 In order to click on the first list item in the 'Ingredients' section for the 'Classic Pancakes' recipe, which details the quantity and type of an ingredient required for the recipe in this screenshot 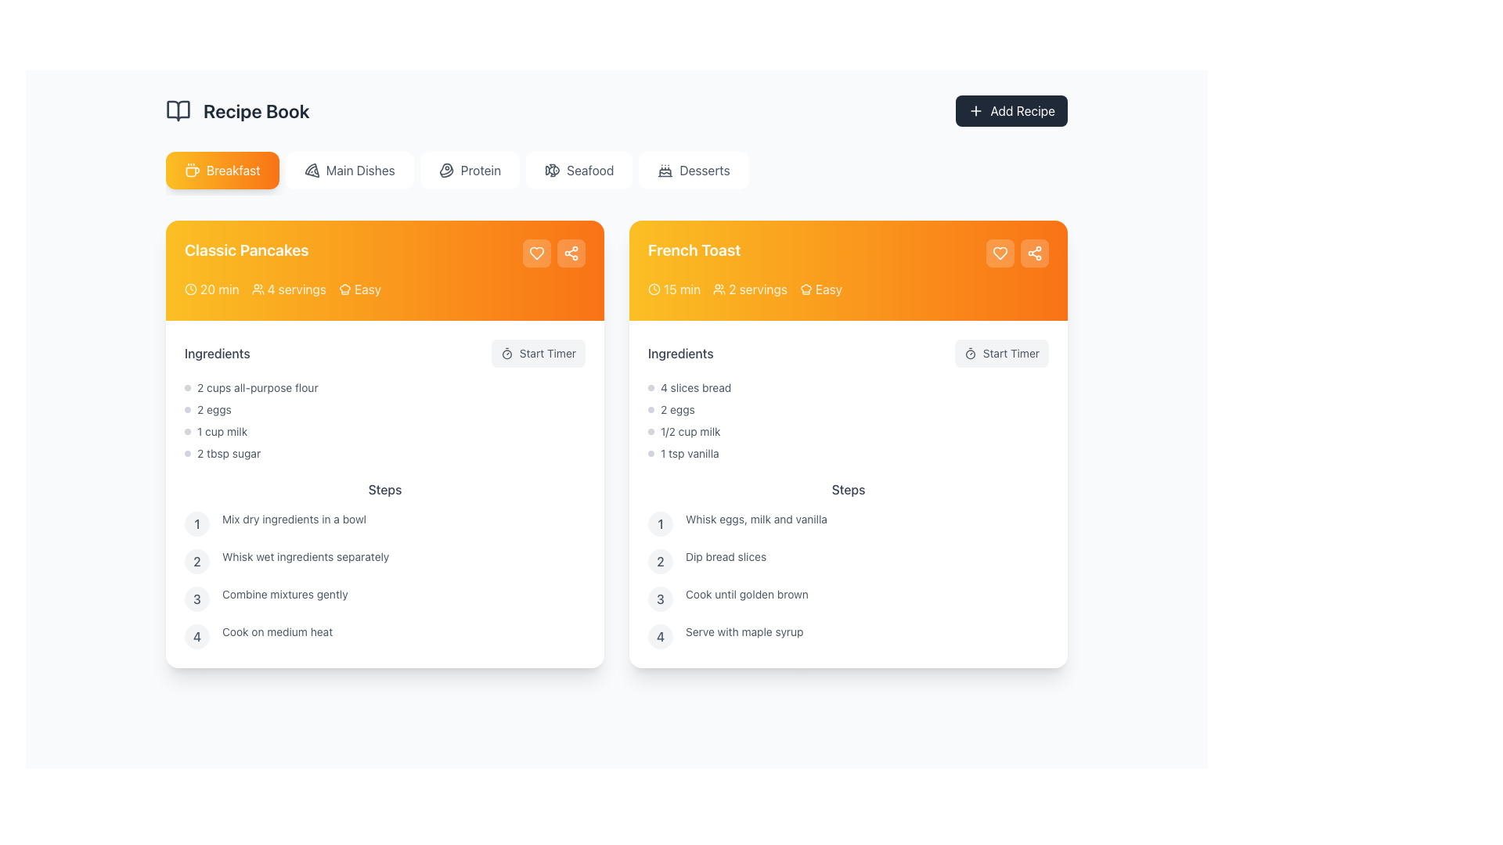, I will do `click(384, 387)`.